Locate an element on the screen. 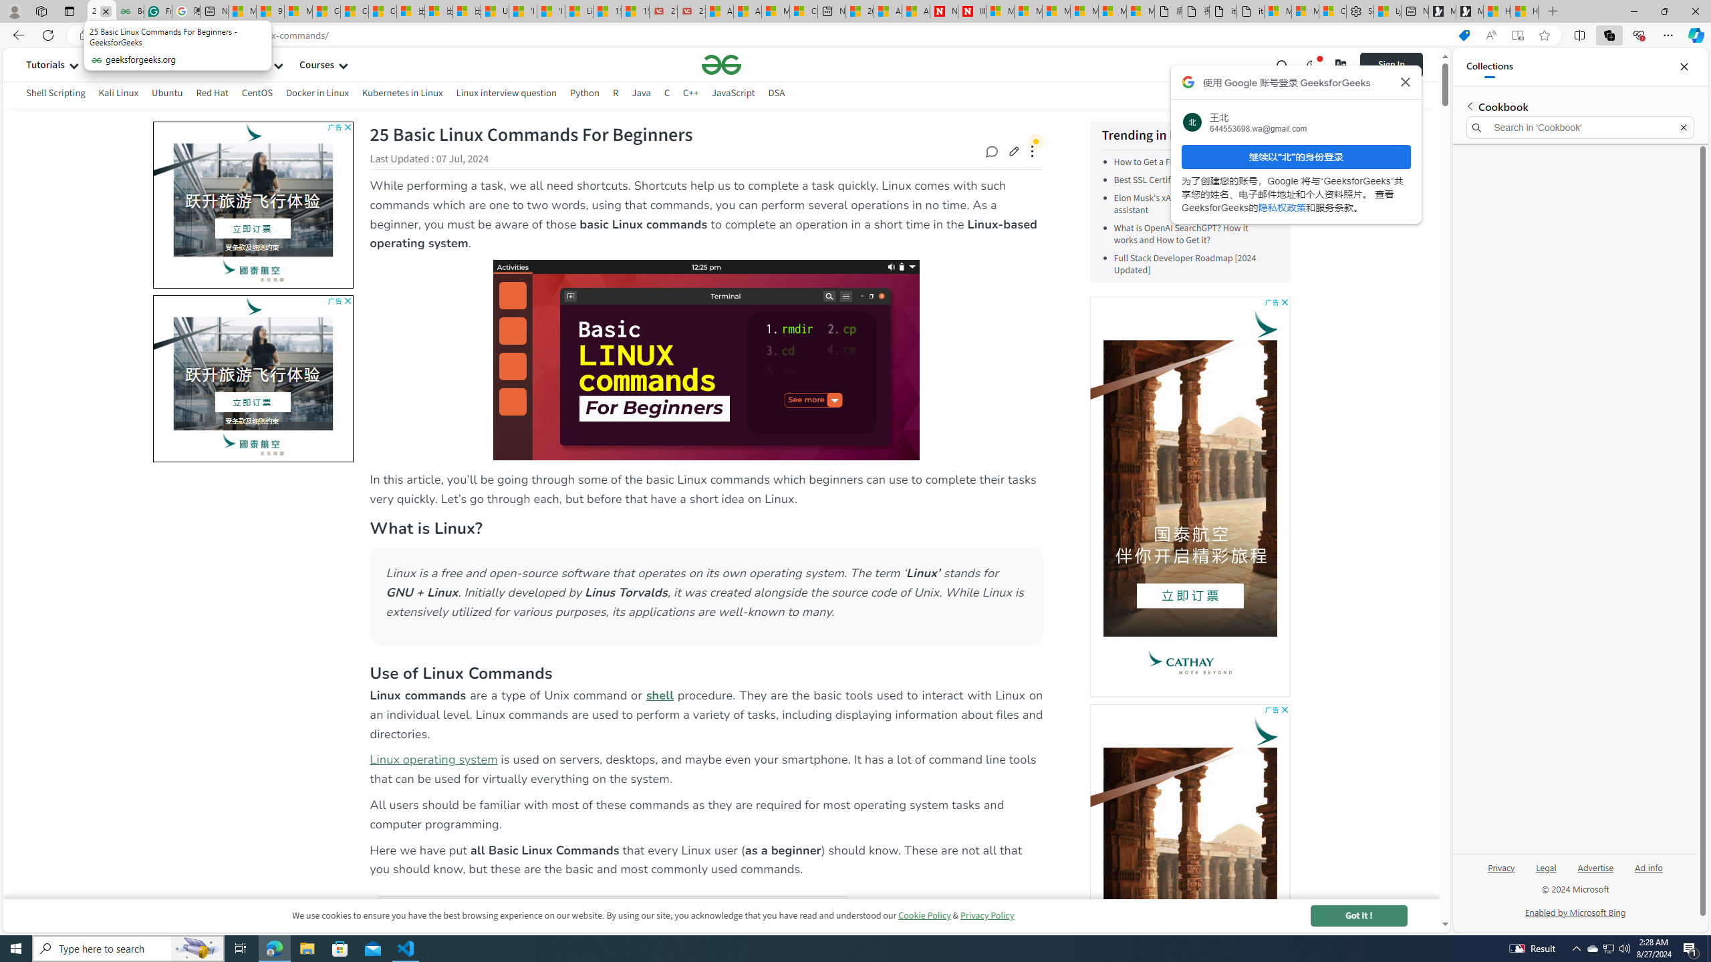  'Elon Musk' is located at coordinates (1178, 204).